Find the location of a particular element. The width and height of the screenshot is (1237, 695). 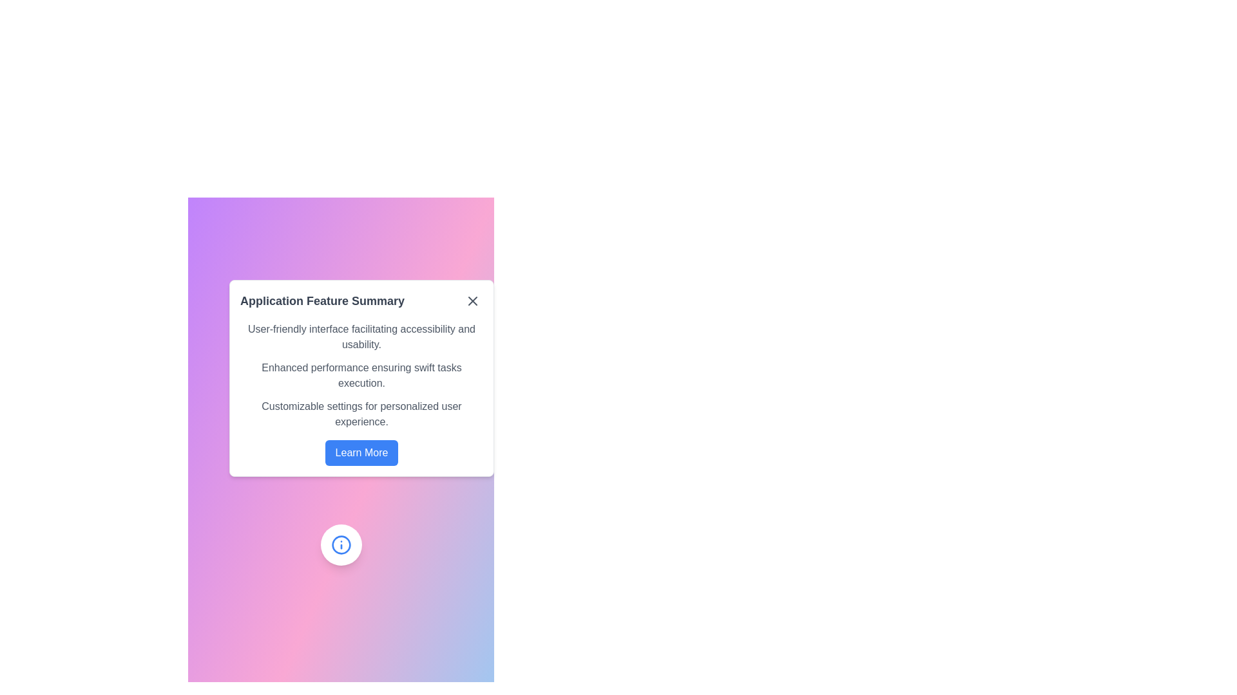

the Text header at the top of the modal that summarizes the content and provides context to the user is located at coordinates (361, 301).